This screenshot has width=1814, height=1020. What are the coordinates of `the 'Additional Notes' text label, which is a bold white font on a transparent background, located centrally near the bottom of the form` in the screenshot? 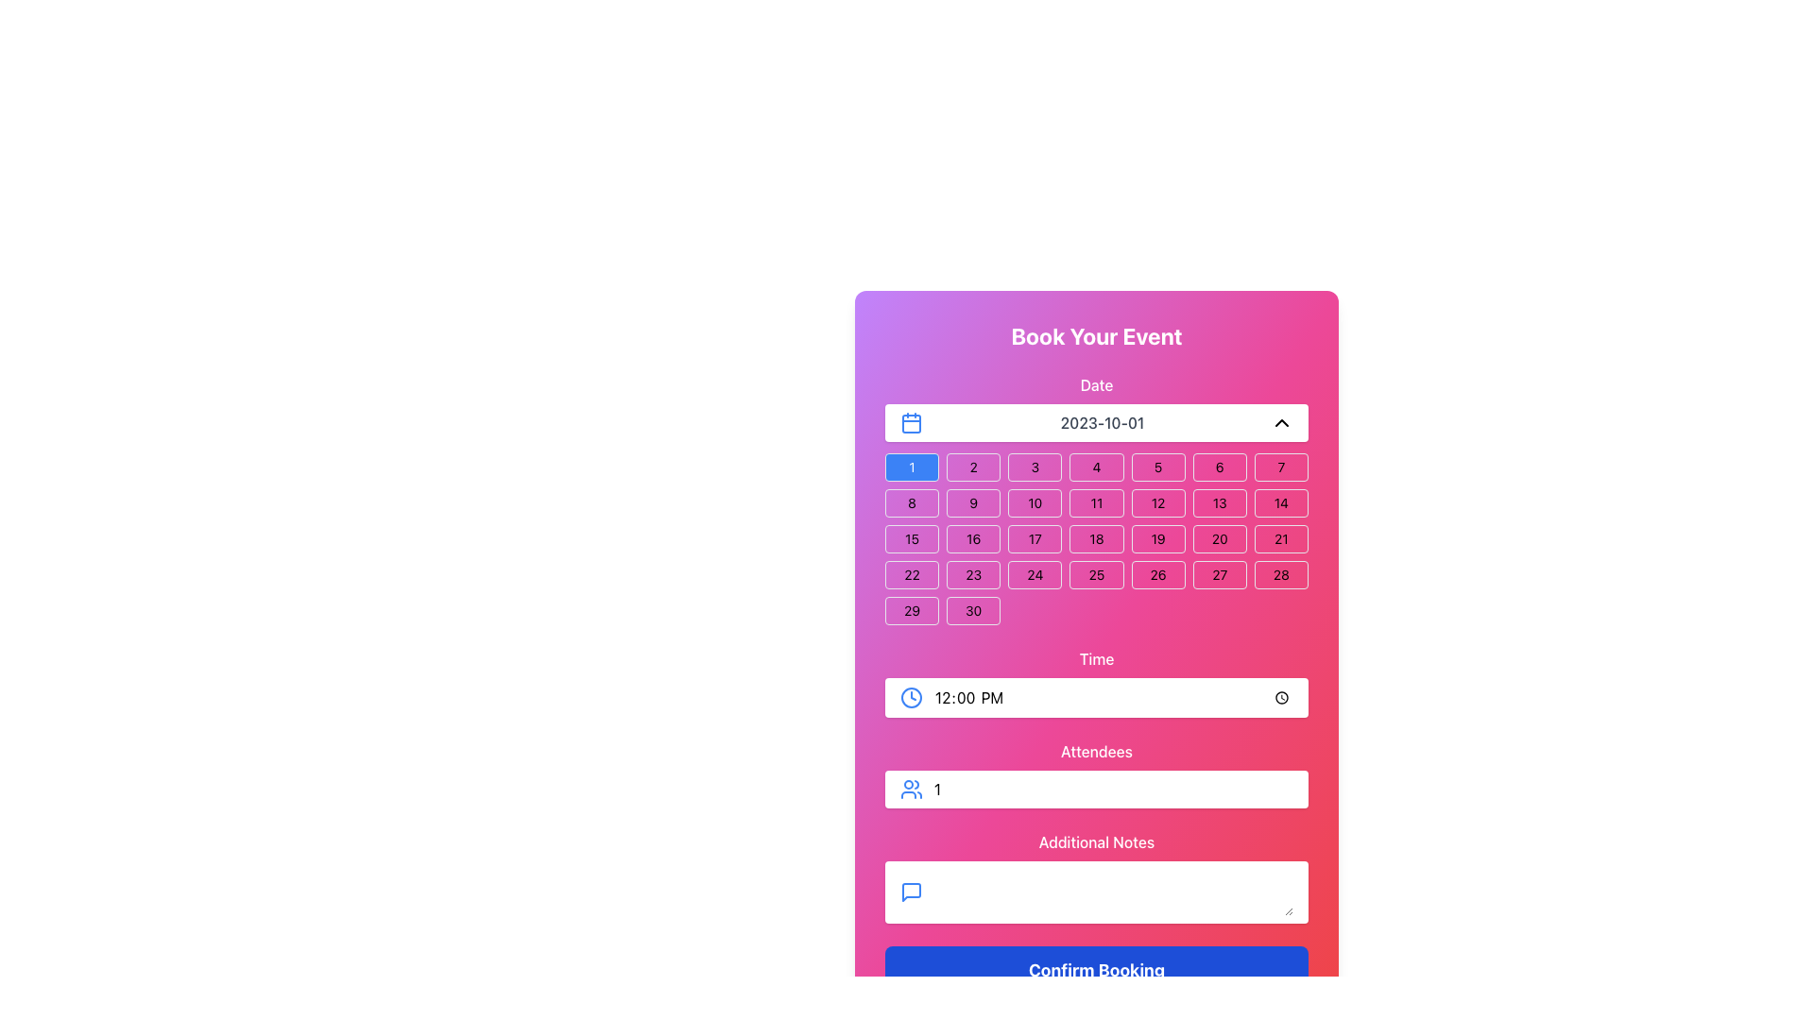 It's located at (1097, 841).